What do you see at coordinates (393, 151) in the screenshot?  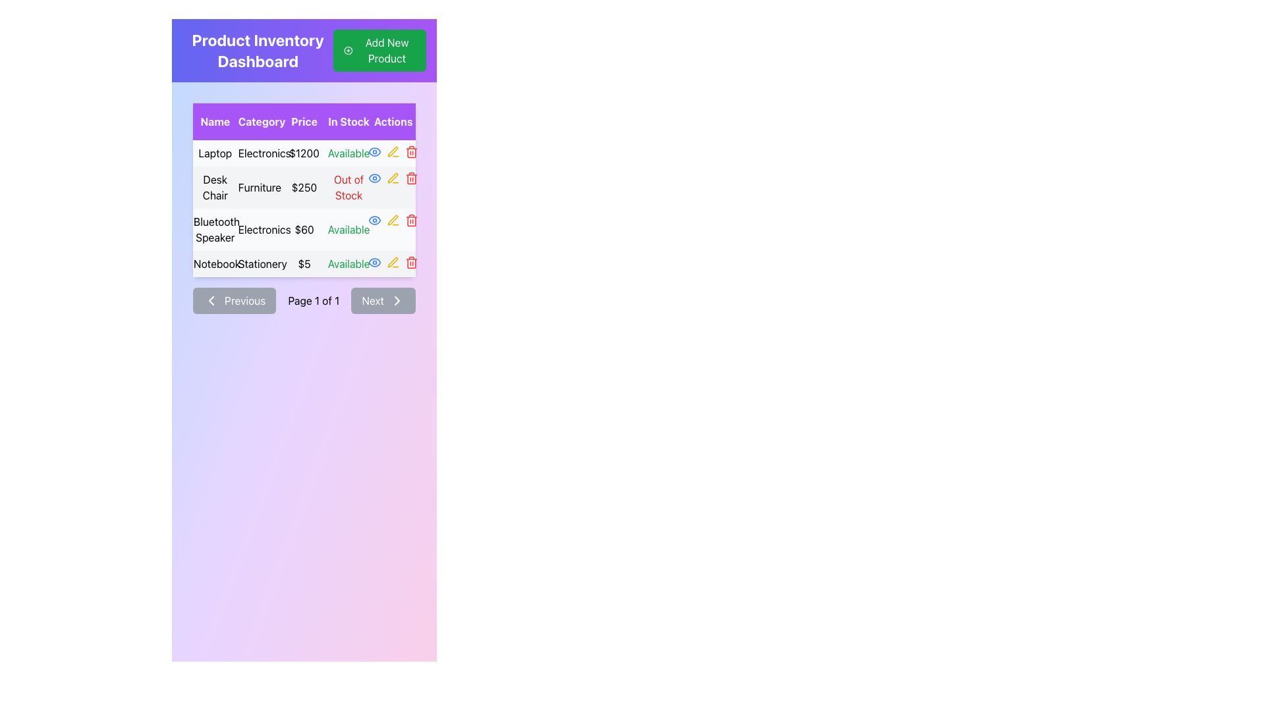 I see `the edit icon button located in the 'Actions' section of the first row in the product table to modify the product information` at bounding box center [393, 151].